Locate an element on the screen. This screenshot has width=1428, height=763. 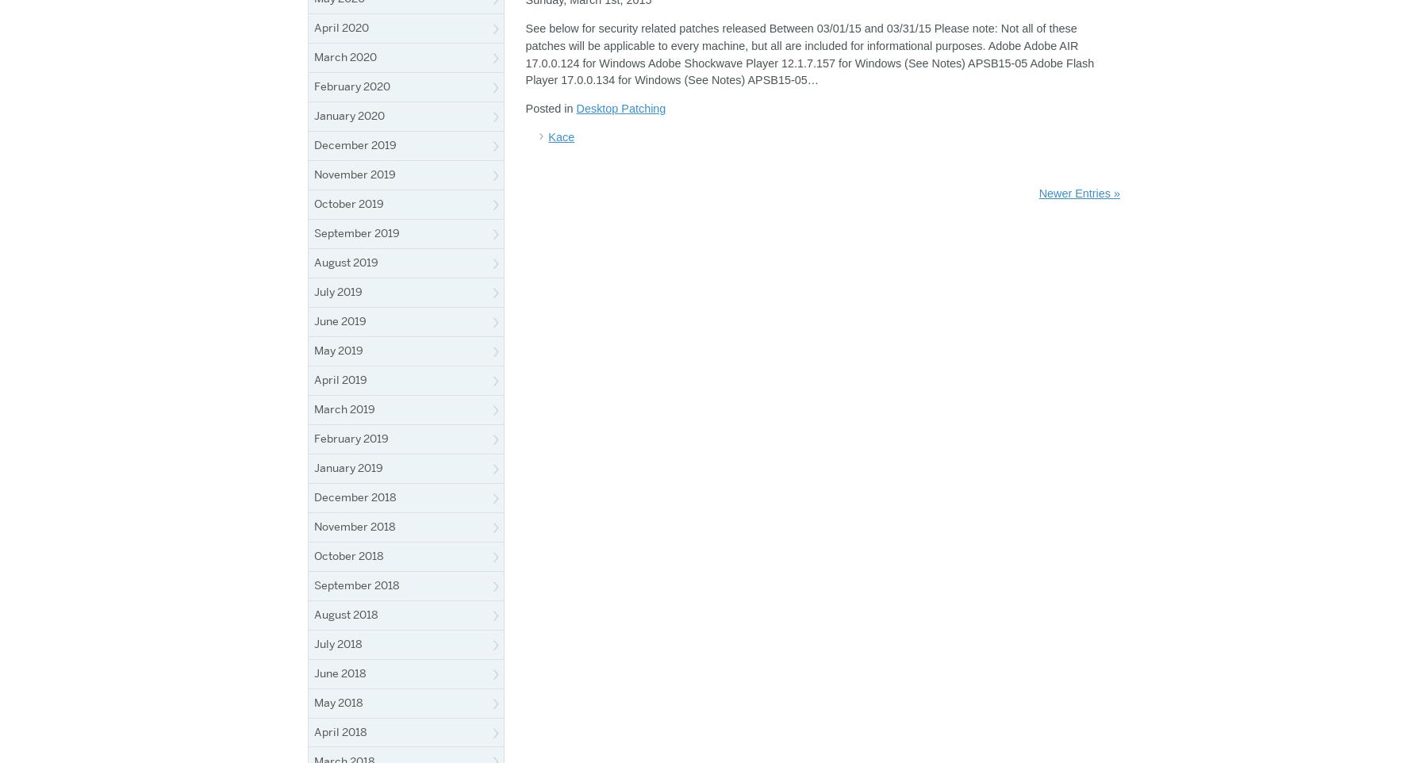
'July 2018' is located at coordinates (338, 642).